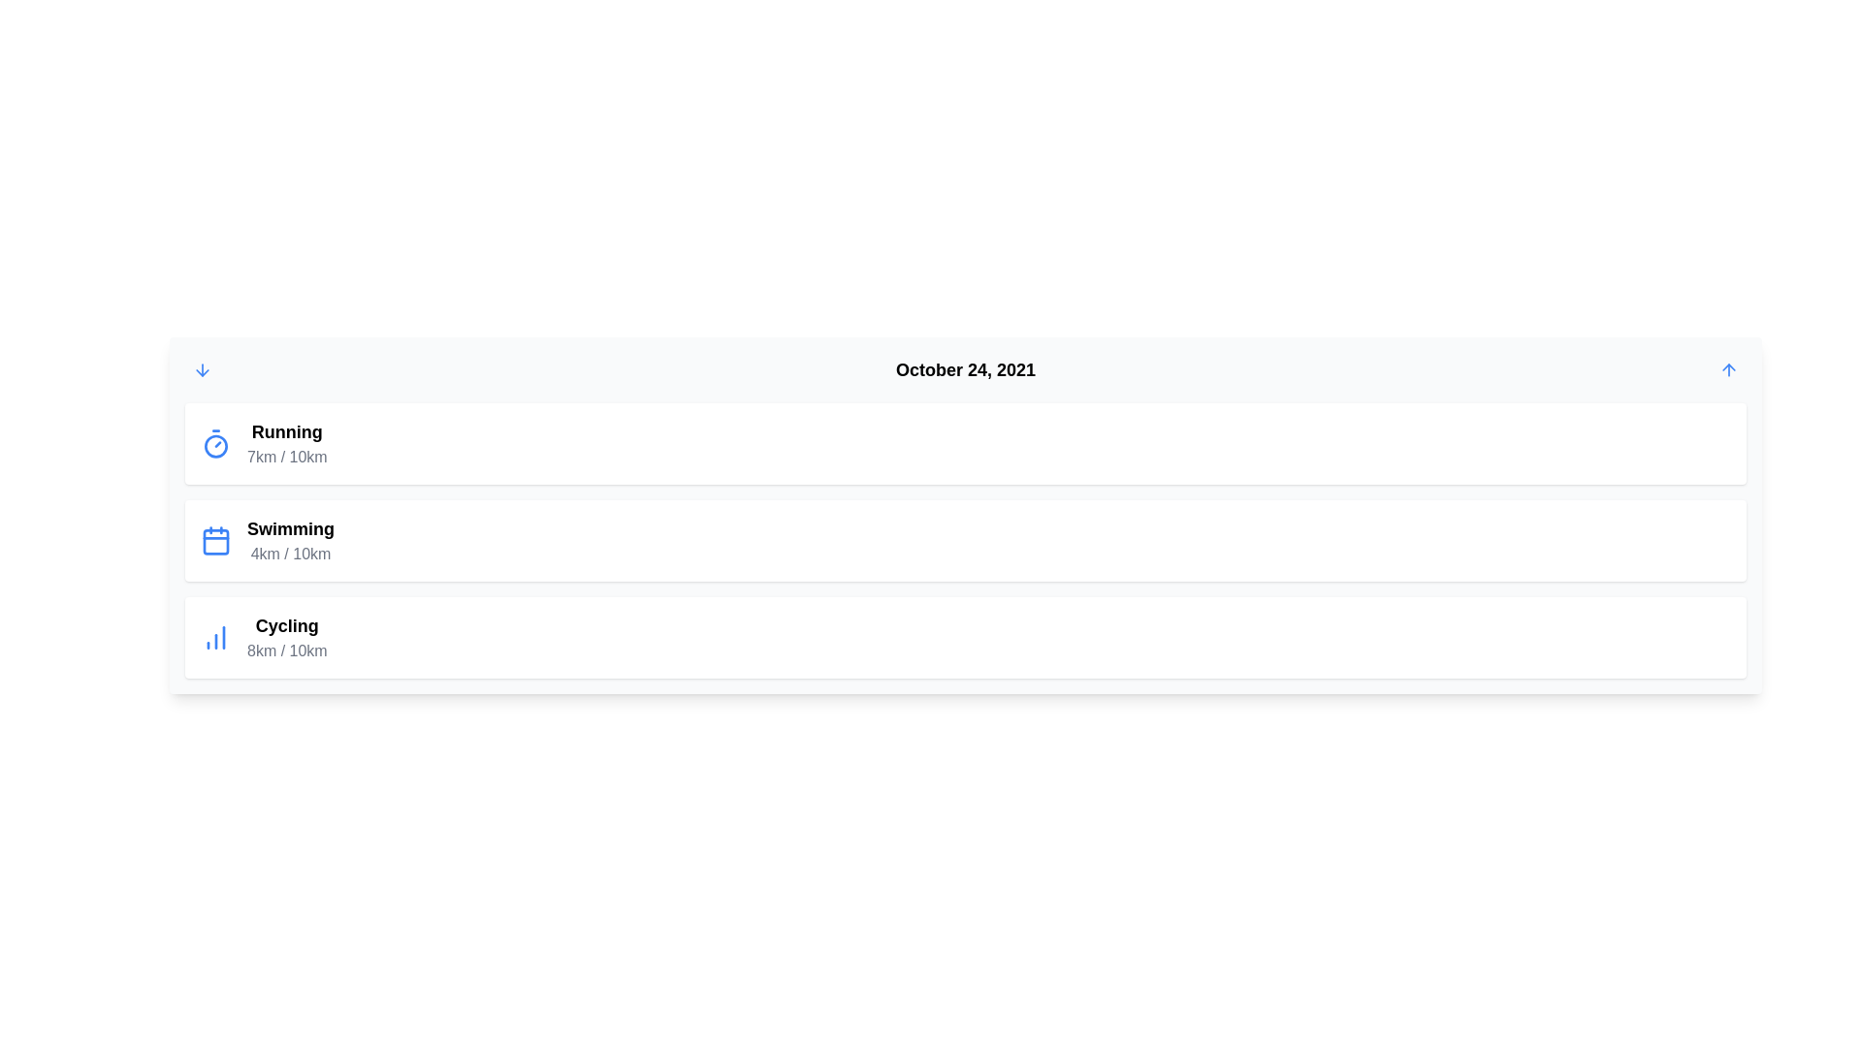  I want to click on the circular button with a downward arrow icon in blue color located at the top-left corner of the section header labeled 'October 24, 2021', so click(203, 369).